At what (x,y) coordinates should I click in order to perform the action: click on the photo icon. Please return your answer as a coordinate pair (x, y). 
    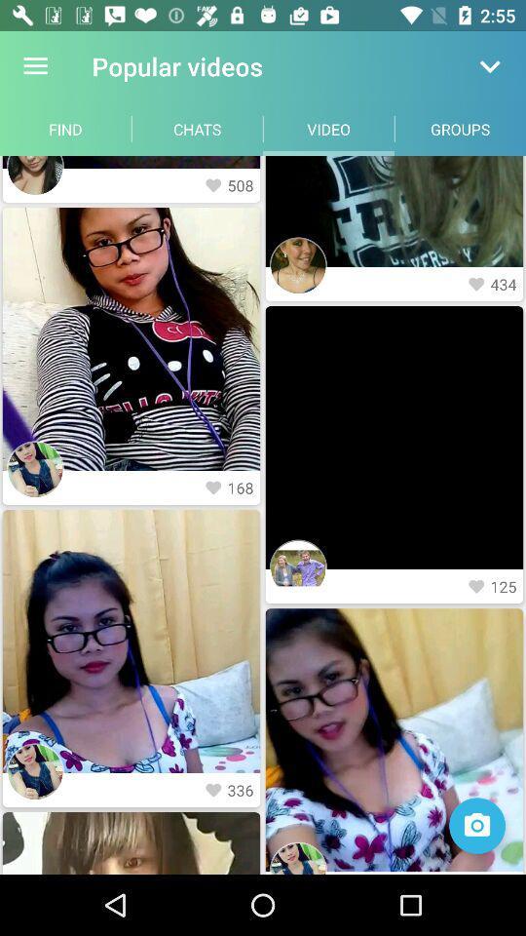
    Looking at the image, I should click on (476, 825).